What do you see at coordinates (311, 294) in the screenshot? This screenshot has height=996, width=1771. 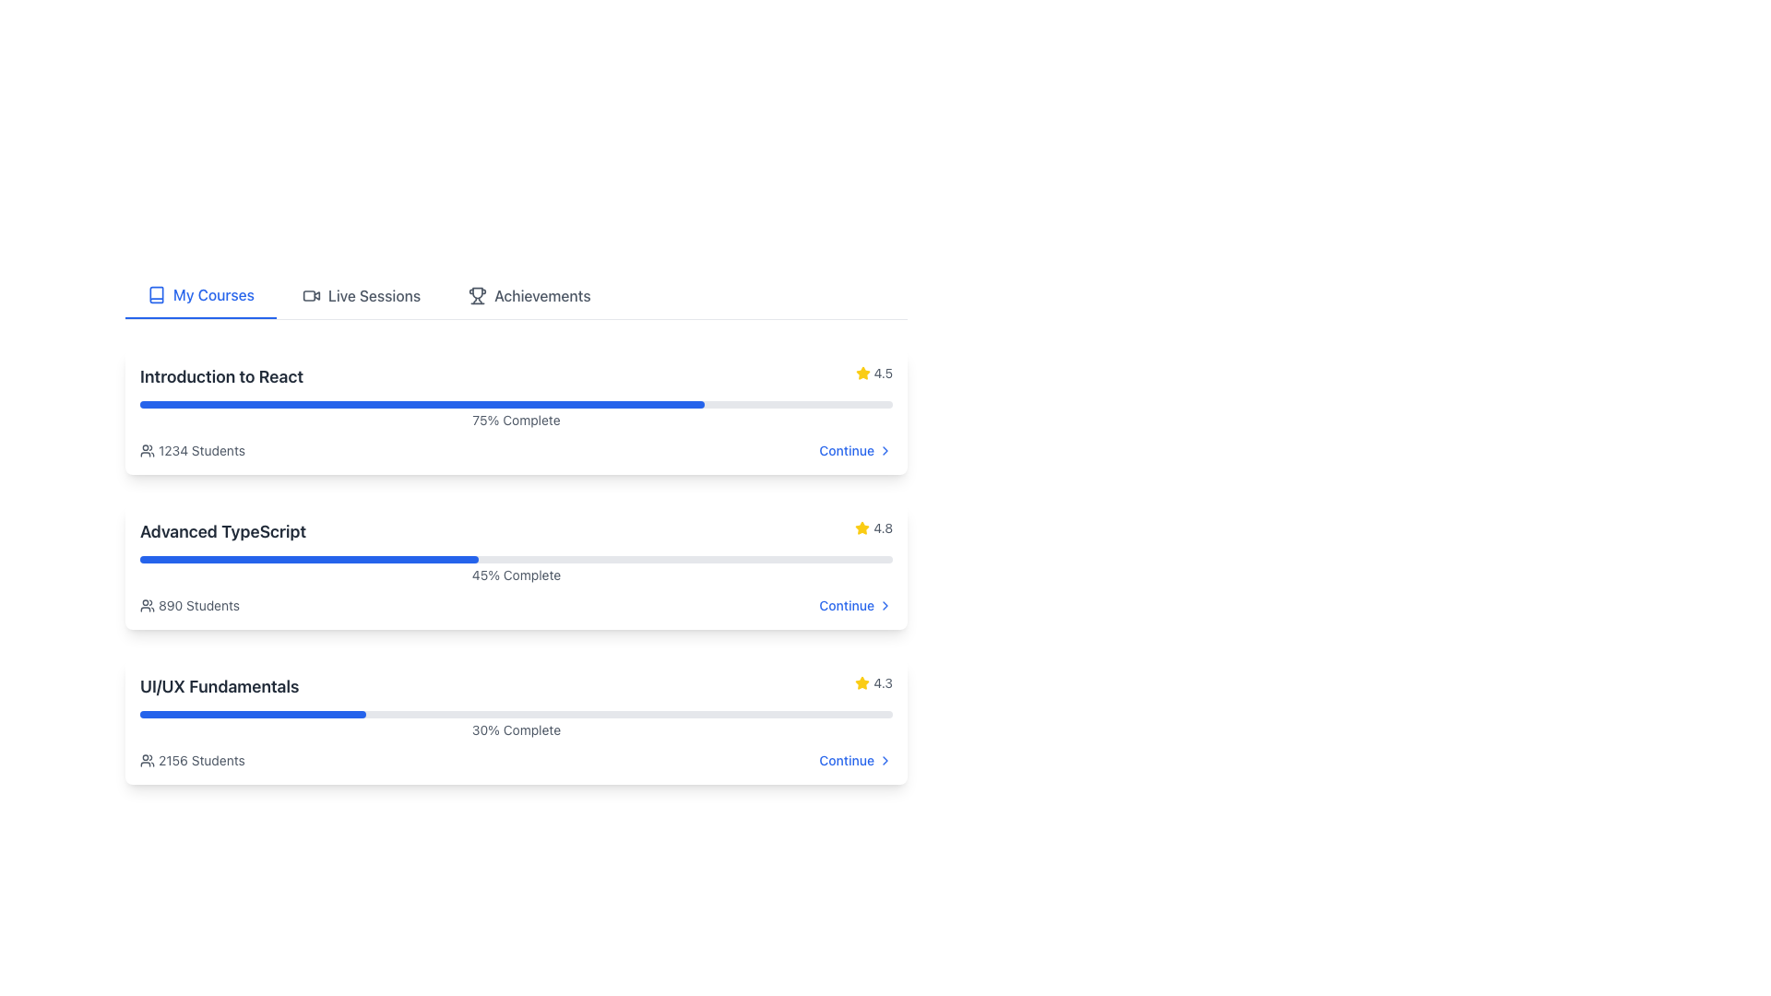 I see `the video camera icon located in the 'Live Sessions' tab, which is positioned next` at bounding box center [311, 294].